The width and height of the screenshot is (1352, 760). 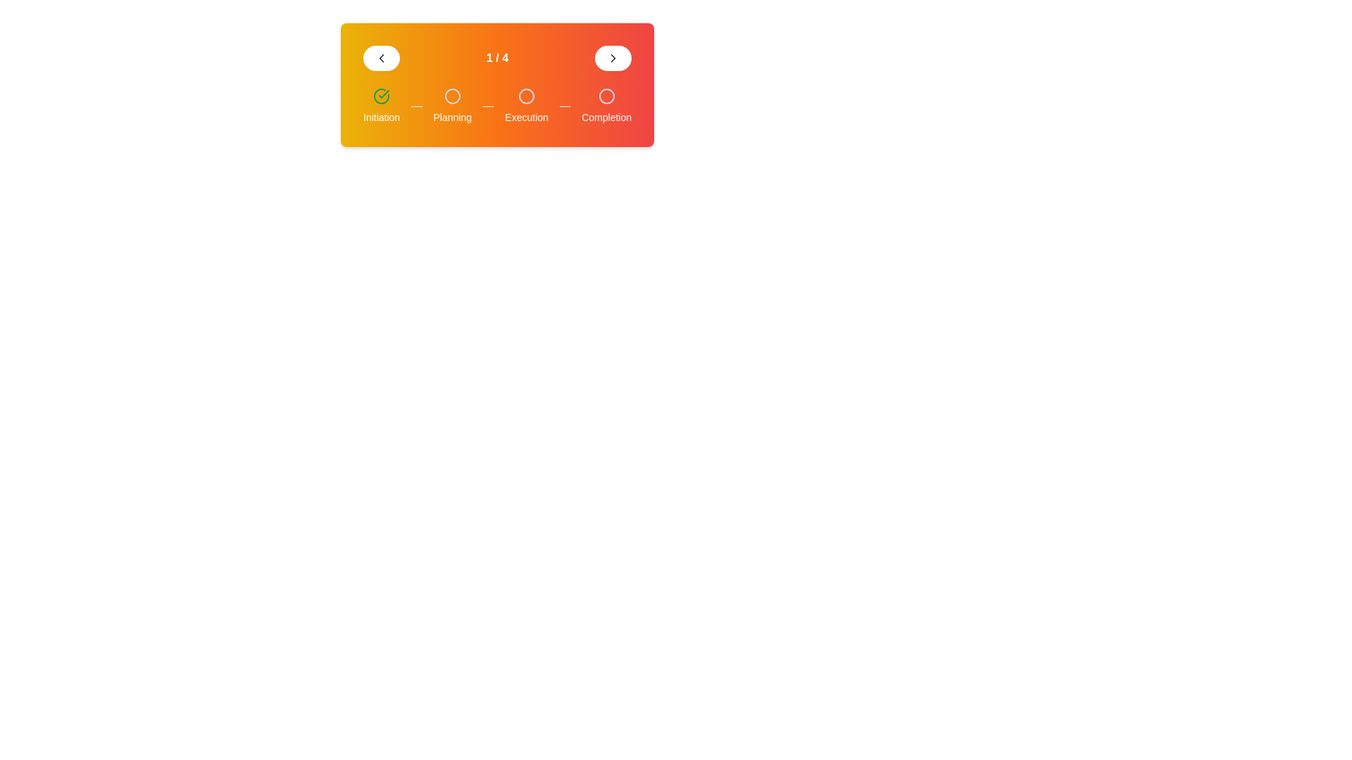 What do you see at coordinates (526, 96) in the screenshot?
I see `the circular icon representing the 'Execution' phase in the progress bar` at bounding box center [526, 96].